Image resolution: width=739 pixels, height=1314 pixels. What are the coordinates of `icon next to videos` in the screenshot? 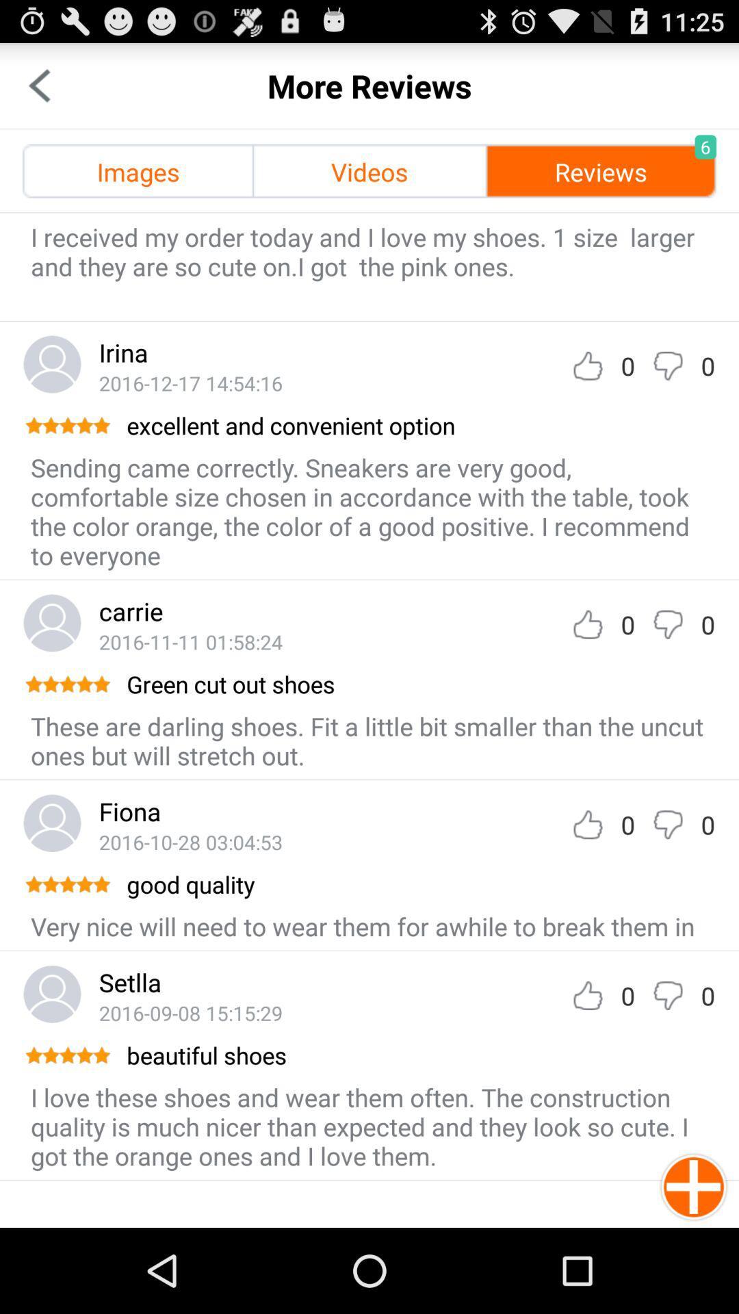 It's located at (138, 170).